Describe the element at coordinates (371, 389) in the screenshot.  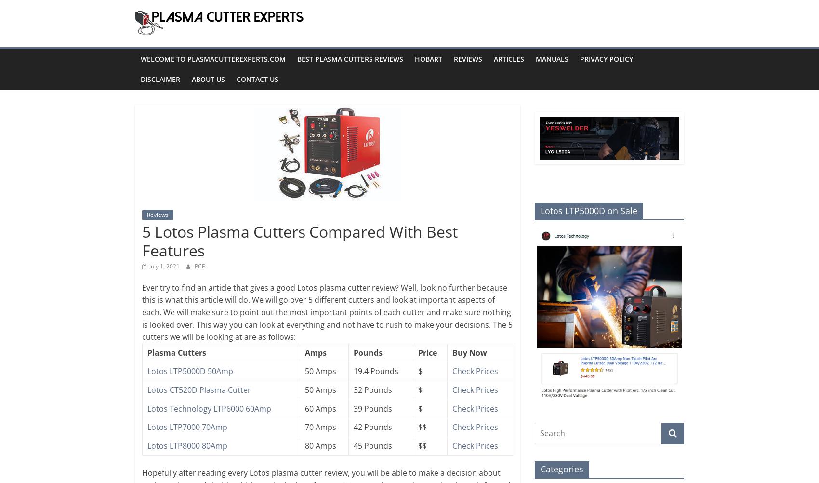
I see `'32 Pounds'` at that location.